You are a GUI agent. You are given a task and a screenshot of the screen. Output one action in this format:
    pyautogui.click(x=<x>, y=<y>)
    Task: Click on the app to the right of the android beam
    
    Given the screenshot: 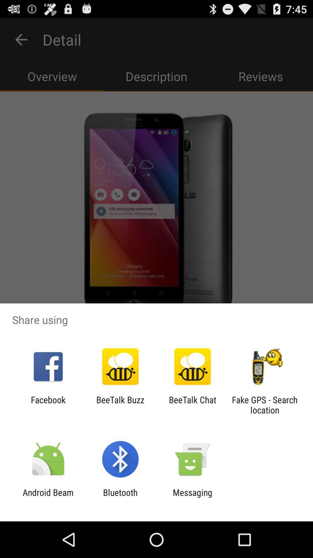 What is the action you would take?
    pyautogui.click(x=120, y=497)
    